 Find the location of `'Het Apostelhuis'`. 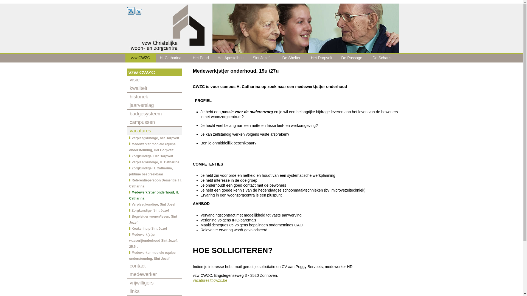

'Het Apostelhuis' is located at coordinates (231, 58).